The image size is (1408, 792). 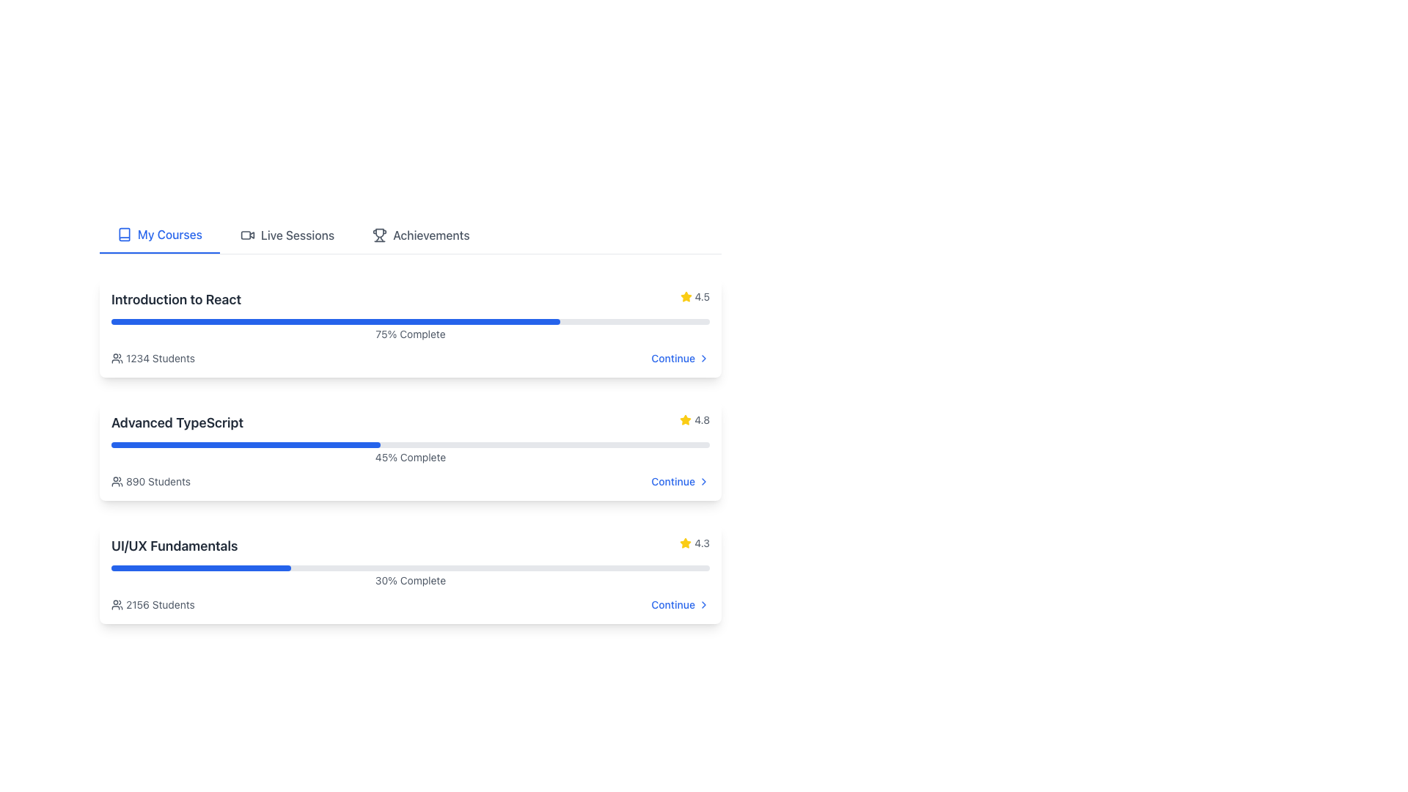 I want to click on text content of the label indicating the completion percentage of the course progress bar for 'Introduction to React', located towards the right side of the progress bar, so click(x=411, y=334).